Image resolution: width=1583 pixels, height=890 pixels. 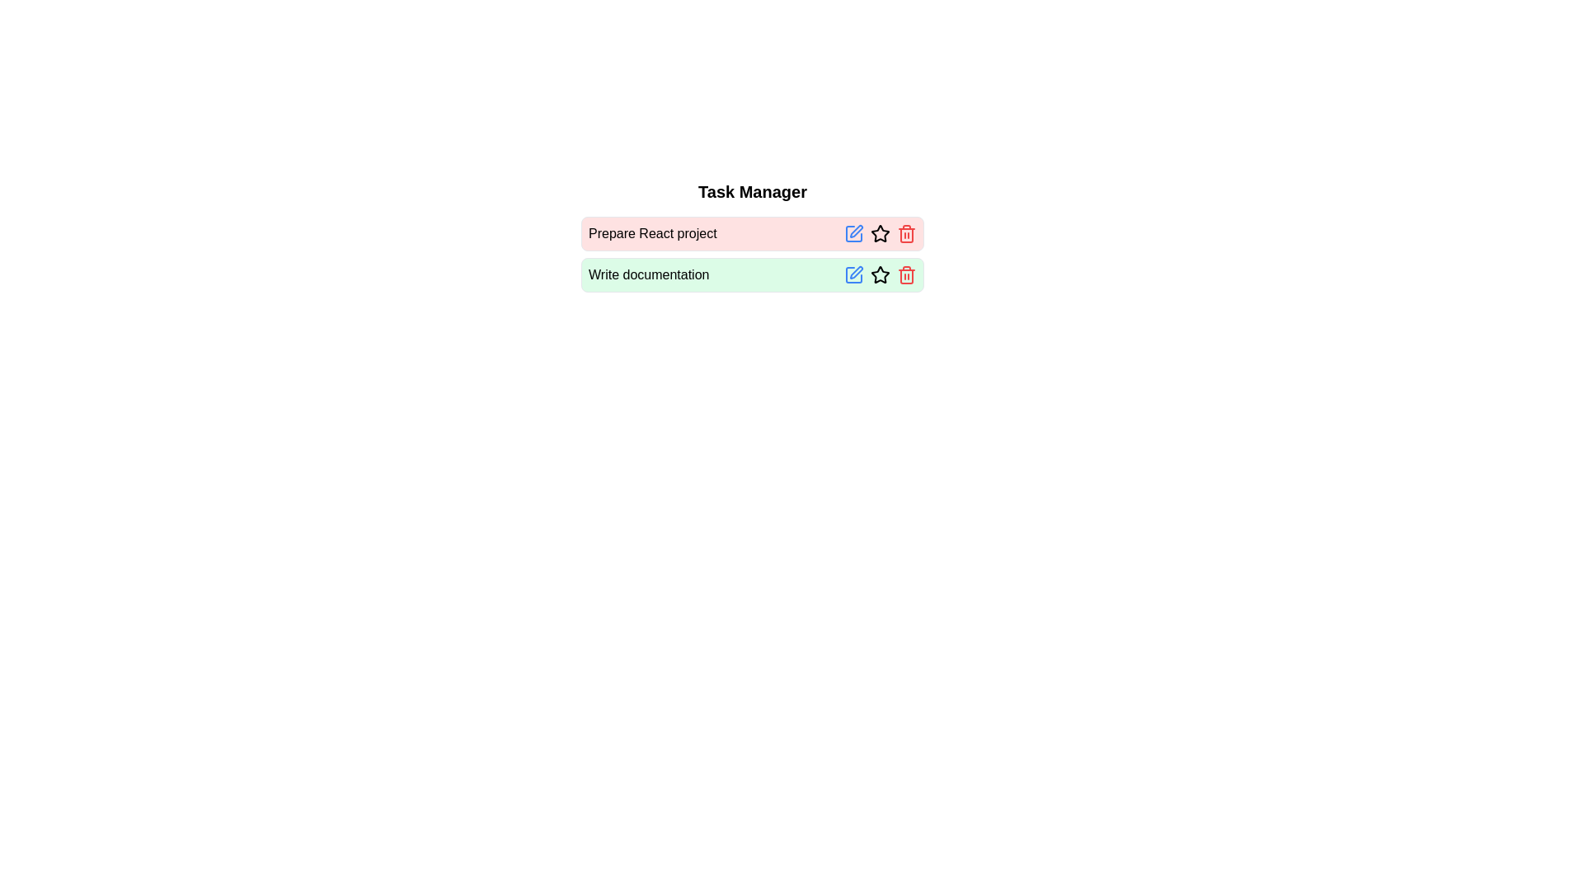 I want to click on the star icon button with a black outline located to the right of the 'Prepare React project' task entry, so click(x=880, y=234).